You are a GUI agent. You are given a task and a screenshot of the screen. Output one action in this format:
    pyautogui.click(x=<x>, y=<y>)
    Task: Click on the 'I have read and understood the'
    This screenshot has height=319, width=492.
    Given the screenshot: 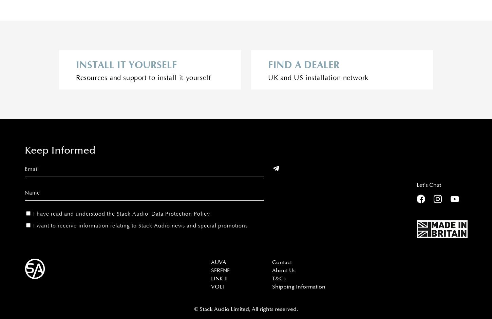 What is the action you would take?
    pyautogui.click(x=74, y=213)
    